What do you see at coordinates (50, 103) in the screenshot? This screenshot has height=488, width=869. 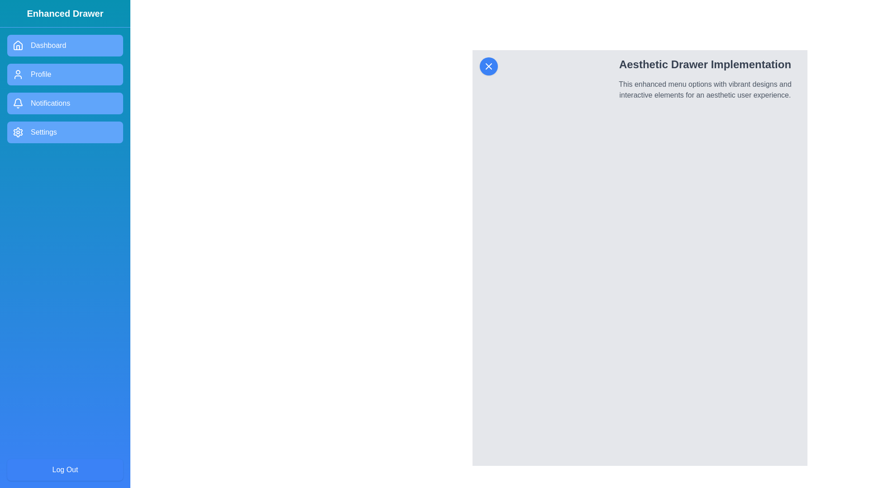 I see `the 'Notifications' text label in the sidebar menu, which displays white text against a blue background and is located third from the top` at bounding box center [50, 103].